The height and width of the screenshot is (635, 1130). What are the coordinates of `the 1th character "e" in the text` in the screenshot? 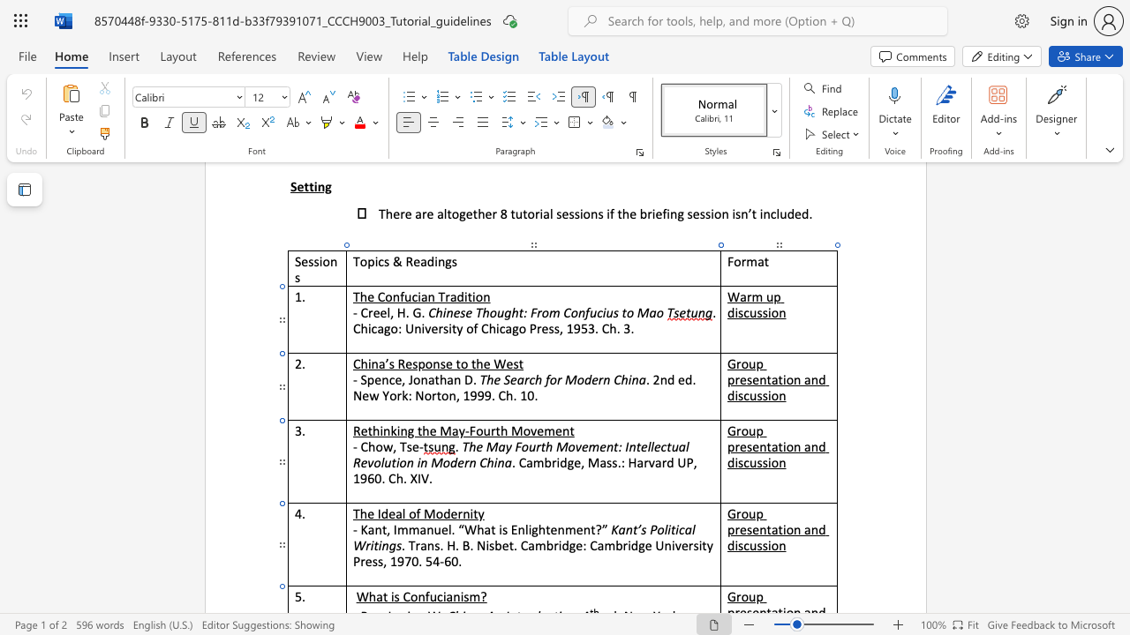 It's located at (444, 528).